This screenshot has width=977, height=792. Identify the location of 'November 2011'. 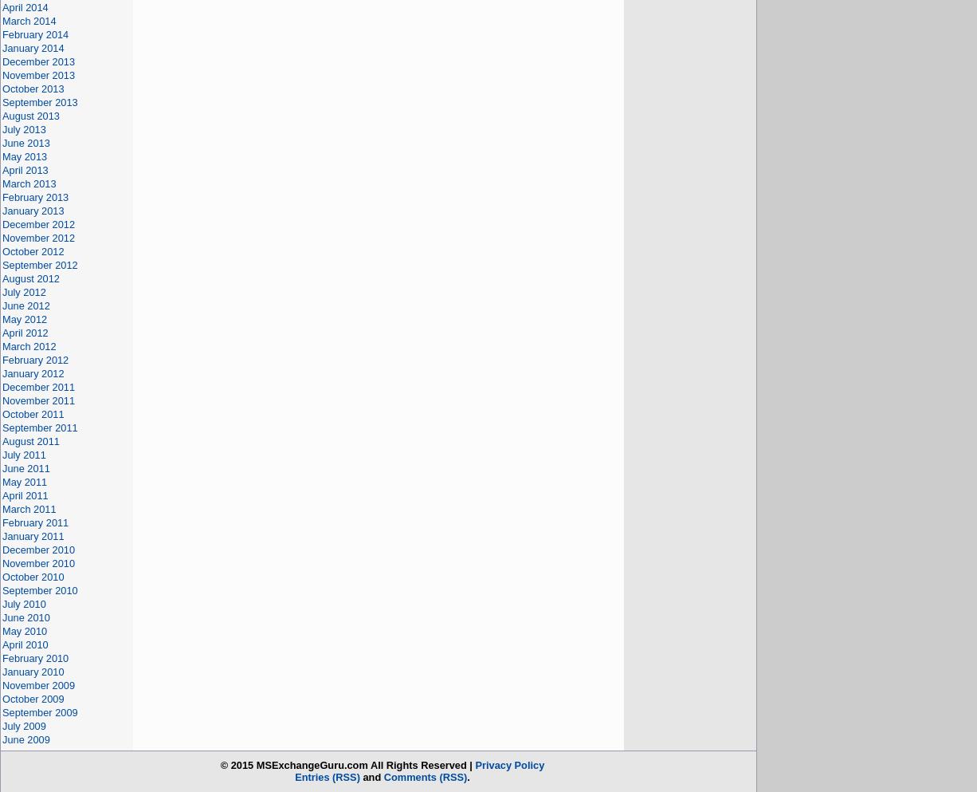
(2, 400).